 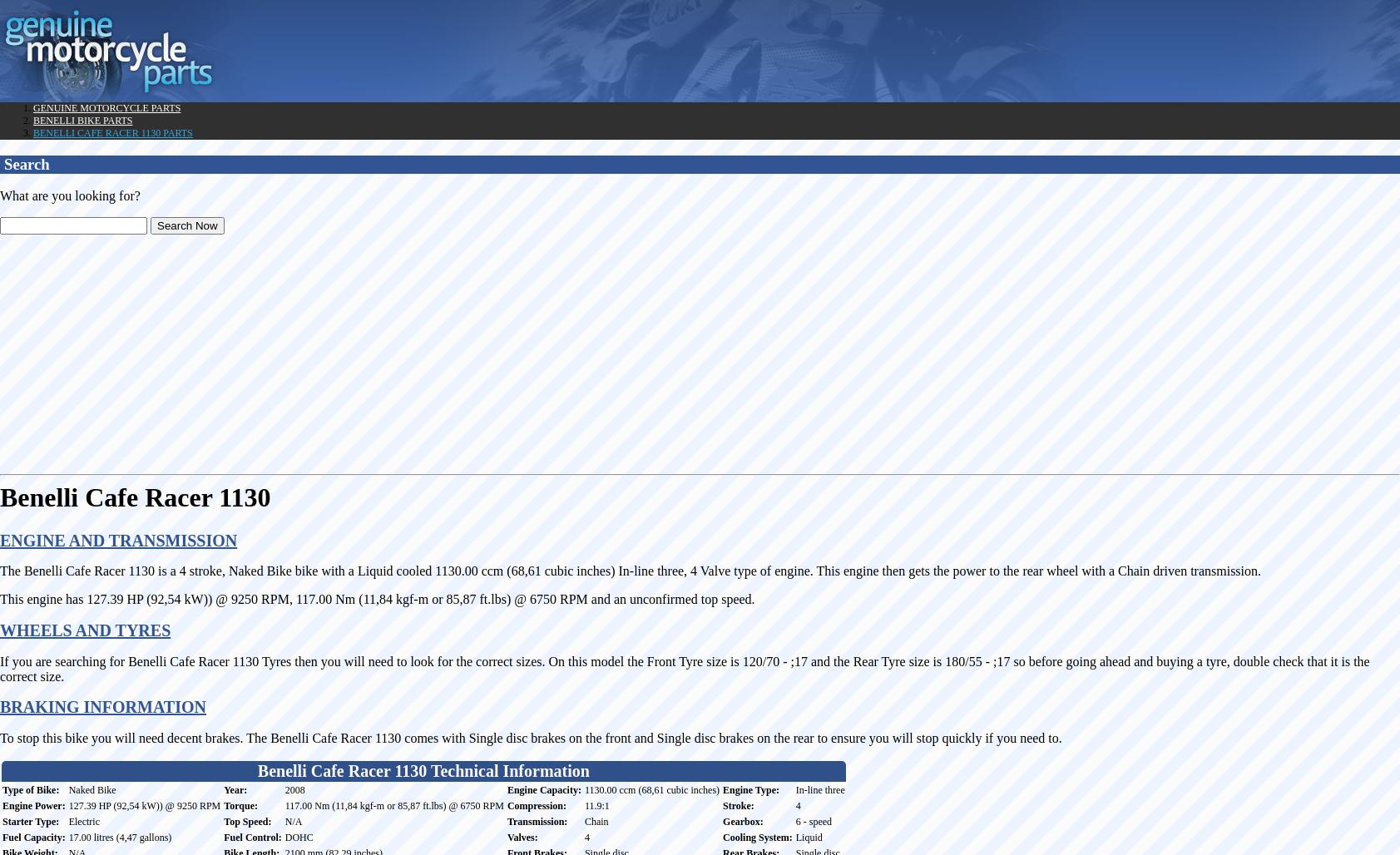 What do you see at coordinates (393, 803) in the screenshot?
I see `'117.00 Nm (11,84 kgf-m or 85,87 ft.lbs) @ 6750 RPM'` at bounding box center [393, 803].